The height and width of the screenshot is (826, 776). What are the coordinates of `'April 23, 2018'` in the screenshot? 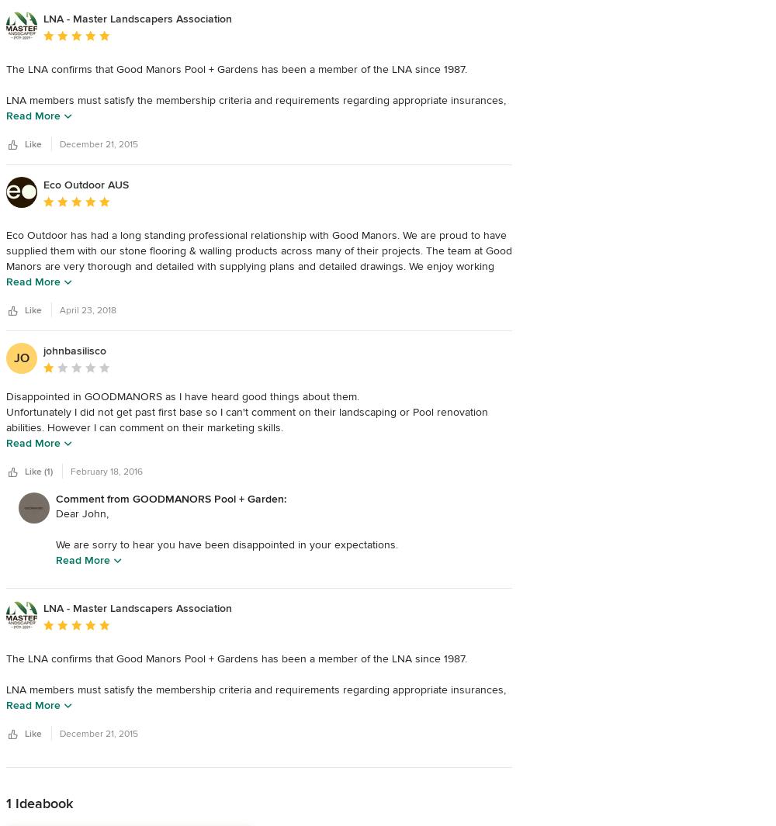 It's located at (87, 309).